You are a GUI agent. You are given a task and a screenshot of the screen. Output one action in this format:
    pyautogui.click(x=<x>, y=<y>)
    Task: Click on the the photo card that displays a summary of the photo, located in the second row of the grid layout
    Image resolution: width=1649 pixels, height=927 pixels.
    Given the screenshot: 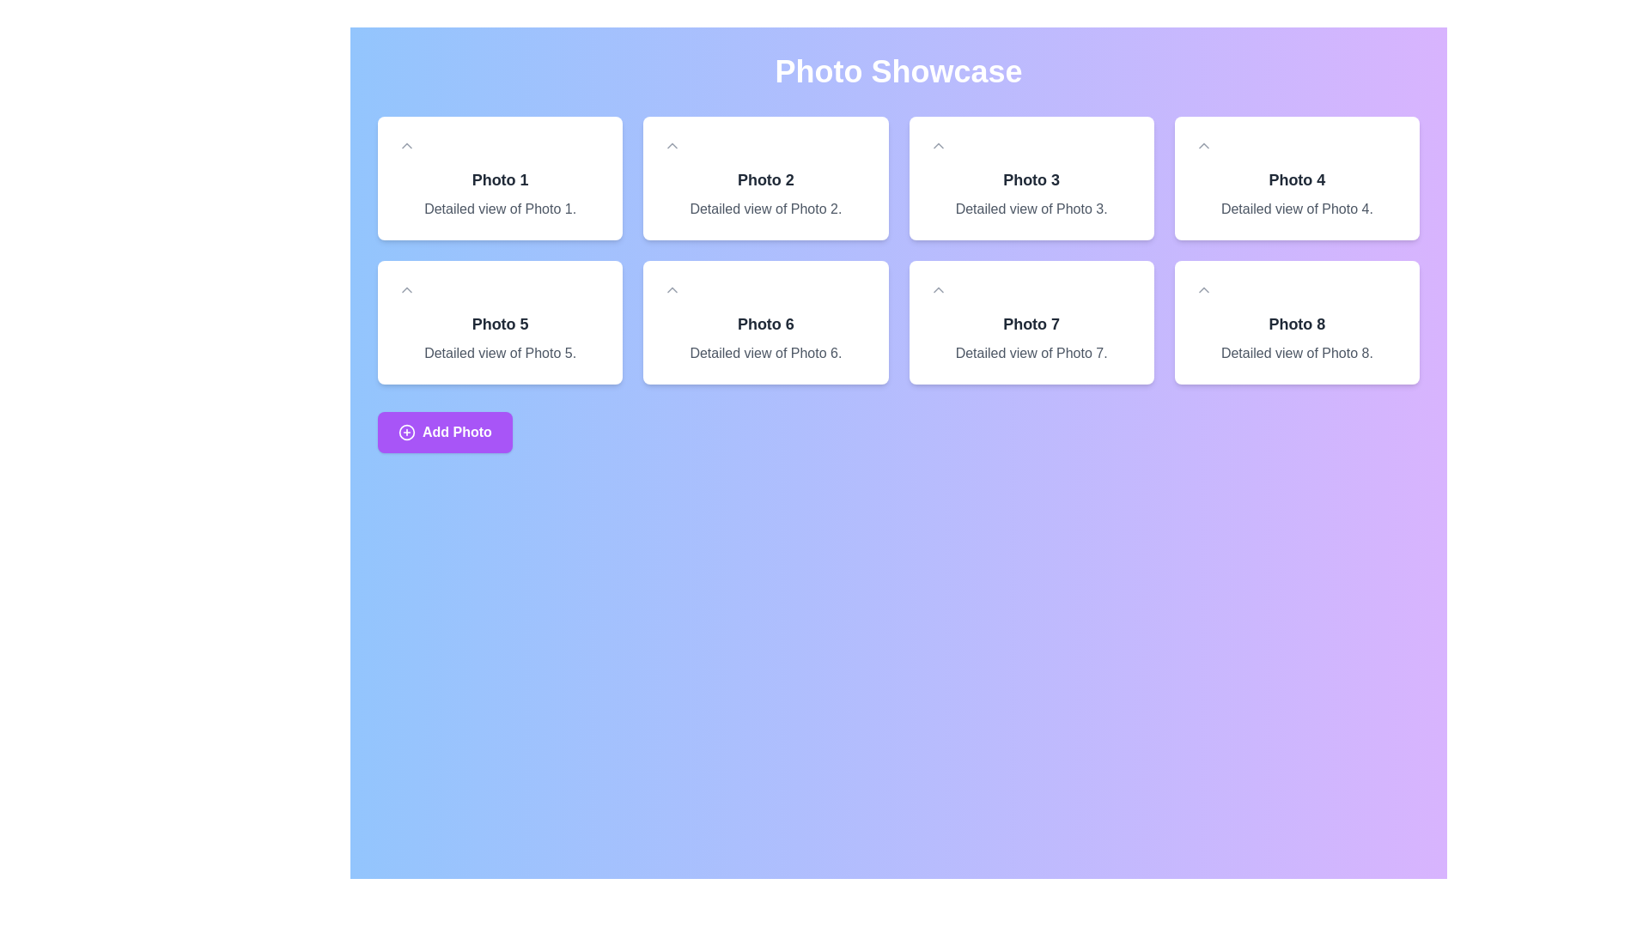 What is the action you would take?
    pyautogui.click(x=764, y=322)
    